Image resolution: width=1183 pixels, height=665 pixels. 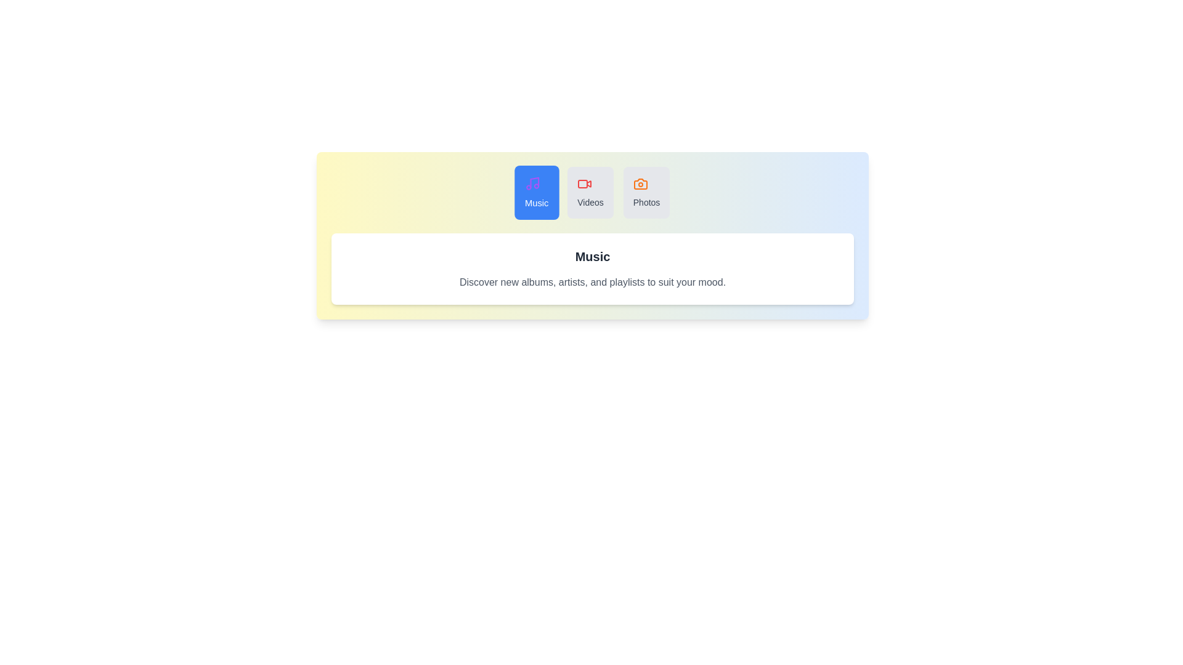 What do you see at coordinates (590, 192) in the screenshot?
I see `the Videos tab in the MultimediaTabs component` at bounding box center [590, 192].